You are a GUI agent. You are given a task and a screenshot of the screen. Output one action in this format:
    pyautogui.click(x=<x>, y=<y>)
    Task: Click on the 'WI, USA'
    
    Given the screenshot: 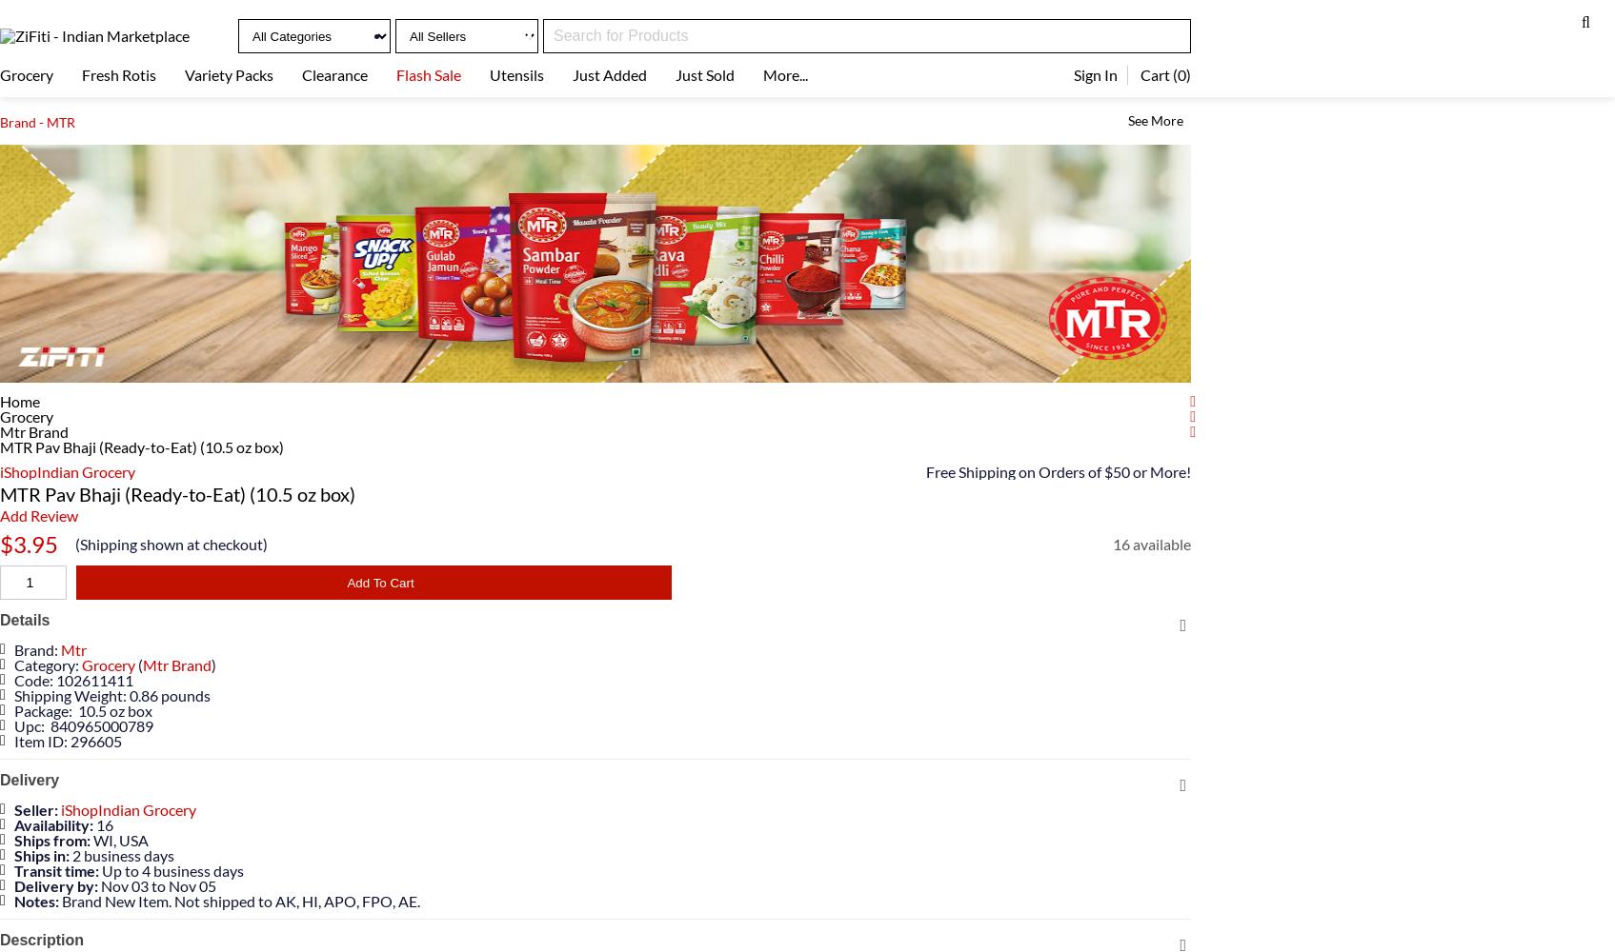 What is the action you would take?
    pyautogui.click(x=89, y=840)
    